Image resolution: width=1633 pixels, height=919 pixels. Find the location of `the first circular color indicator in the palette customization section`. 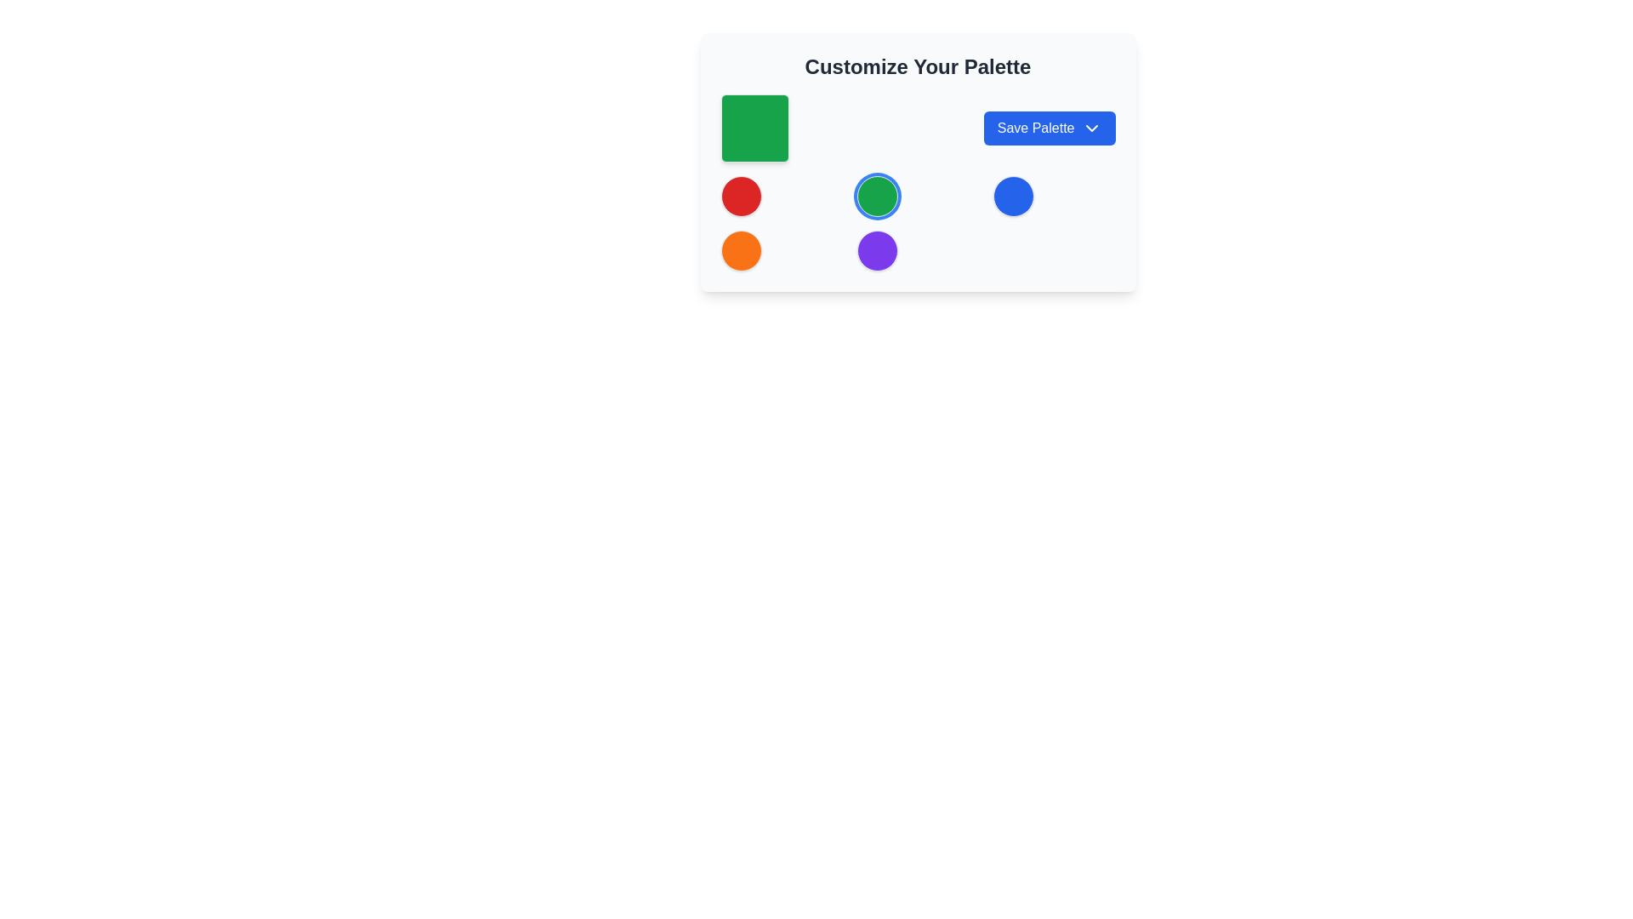

the first circular color indicator in the palette customization section is located at coordinates (741, 196).